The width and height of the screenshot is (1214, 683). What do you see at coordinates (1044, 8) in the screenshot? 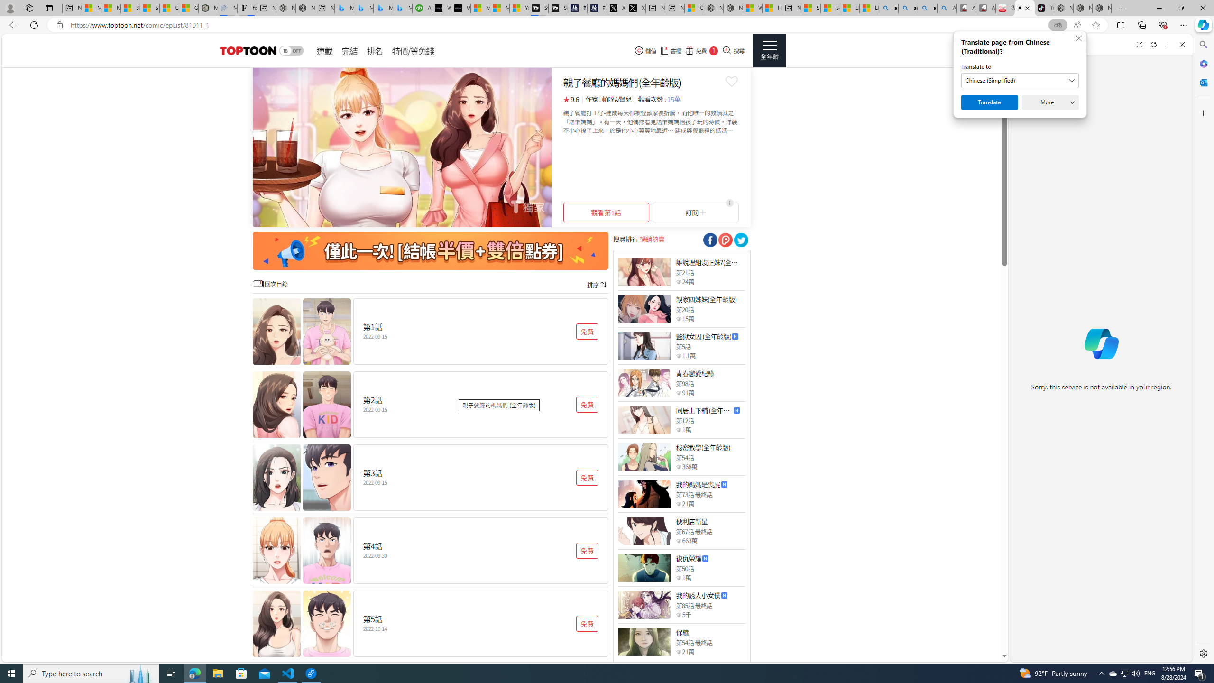
I see `'TikTok'` at bounding box center [1044, 8].